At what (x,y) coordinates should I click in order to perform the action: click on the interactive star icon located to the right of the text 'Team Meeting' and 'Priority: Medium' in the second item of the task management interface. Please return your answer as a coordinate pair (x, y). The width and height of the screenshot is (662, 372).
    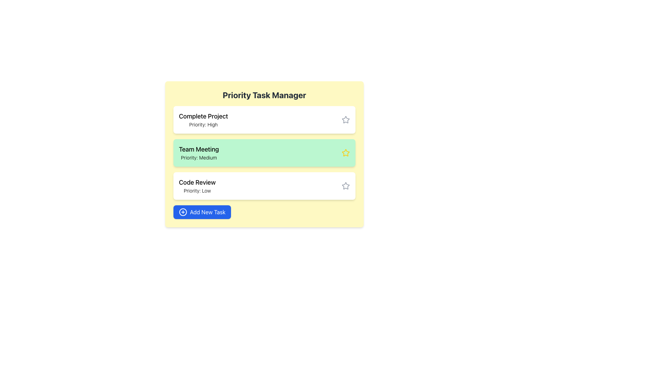
    Looking at the image, I should click on (346, 152).